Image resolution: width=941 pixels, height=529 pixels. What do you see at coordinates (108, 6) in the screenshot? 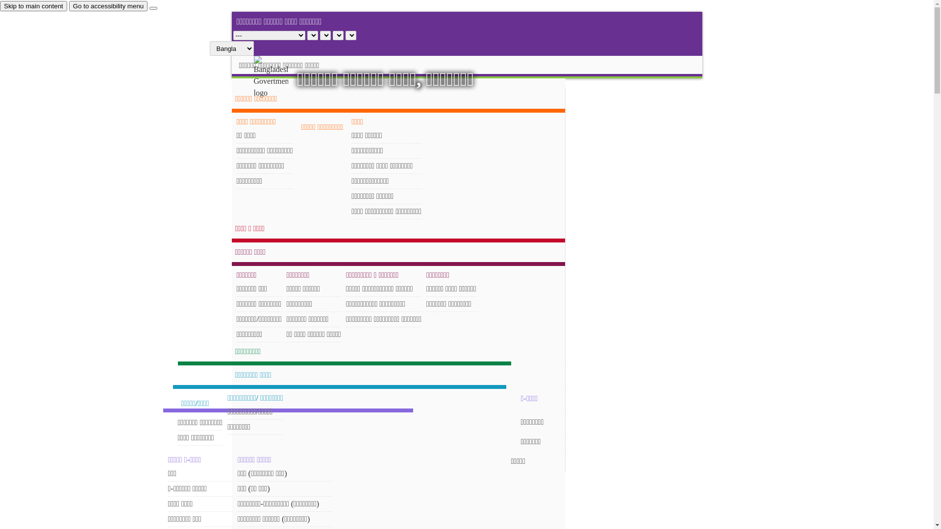
I see `'Go to accessibility menu'` at bounding box center [108, 6].